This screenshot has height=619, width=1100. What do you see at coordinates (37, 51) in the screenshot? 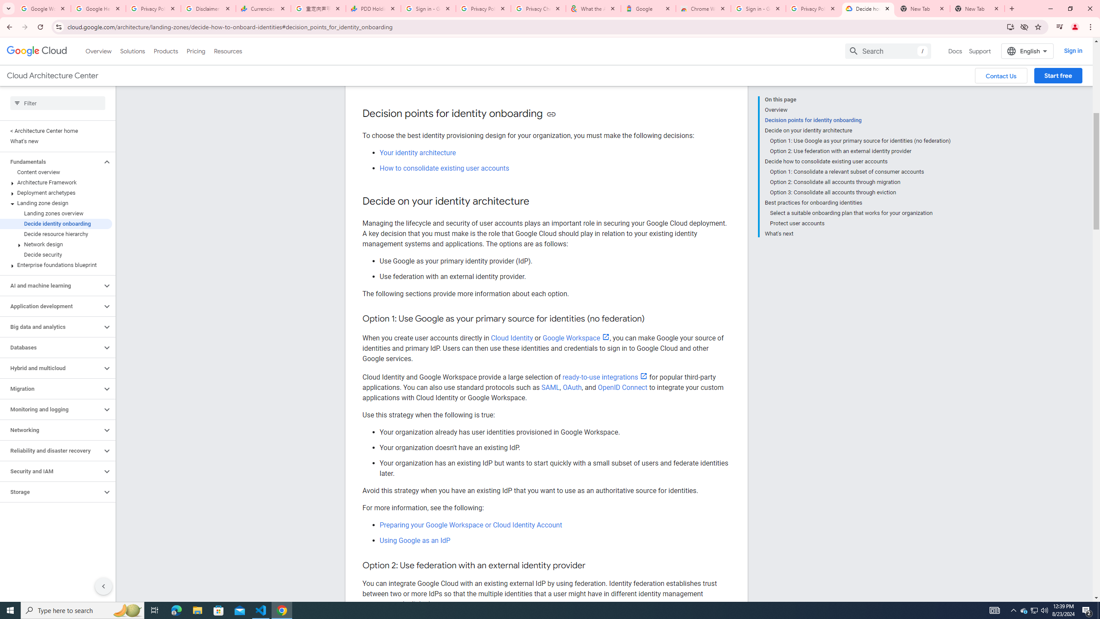
I see `'Google Cloud'` at bounding box center [37, 51].